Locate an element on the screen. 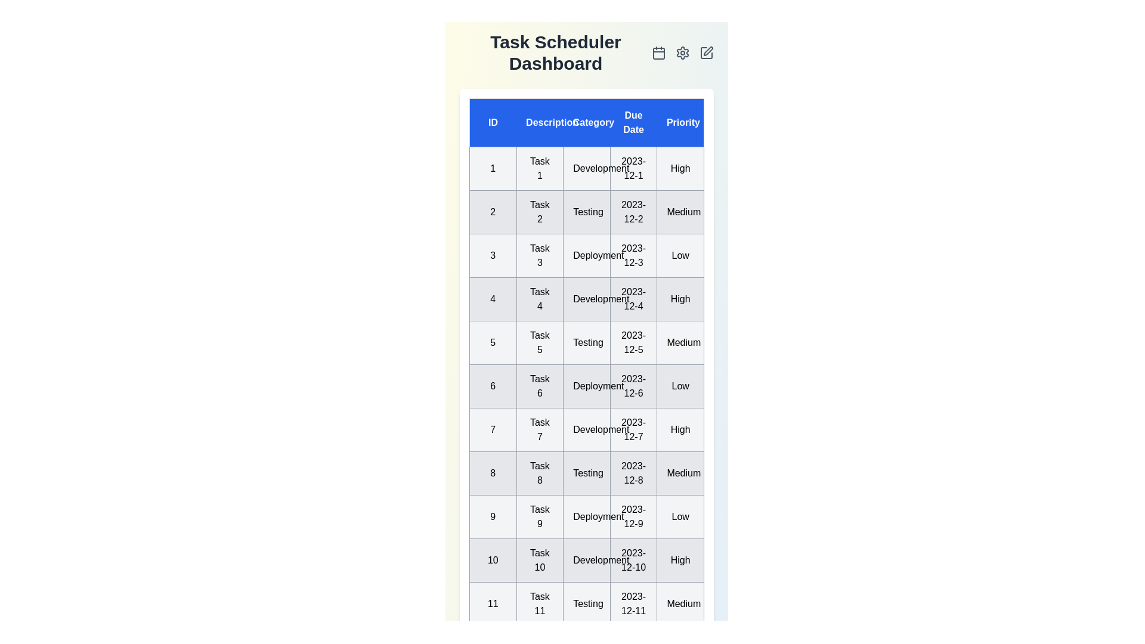 The width and height of the screenshot is (1145, 644). the column header 'Priority' to sort the tasks by that column is located at coordinates (680, 122).